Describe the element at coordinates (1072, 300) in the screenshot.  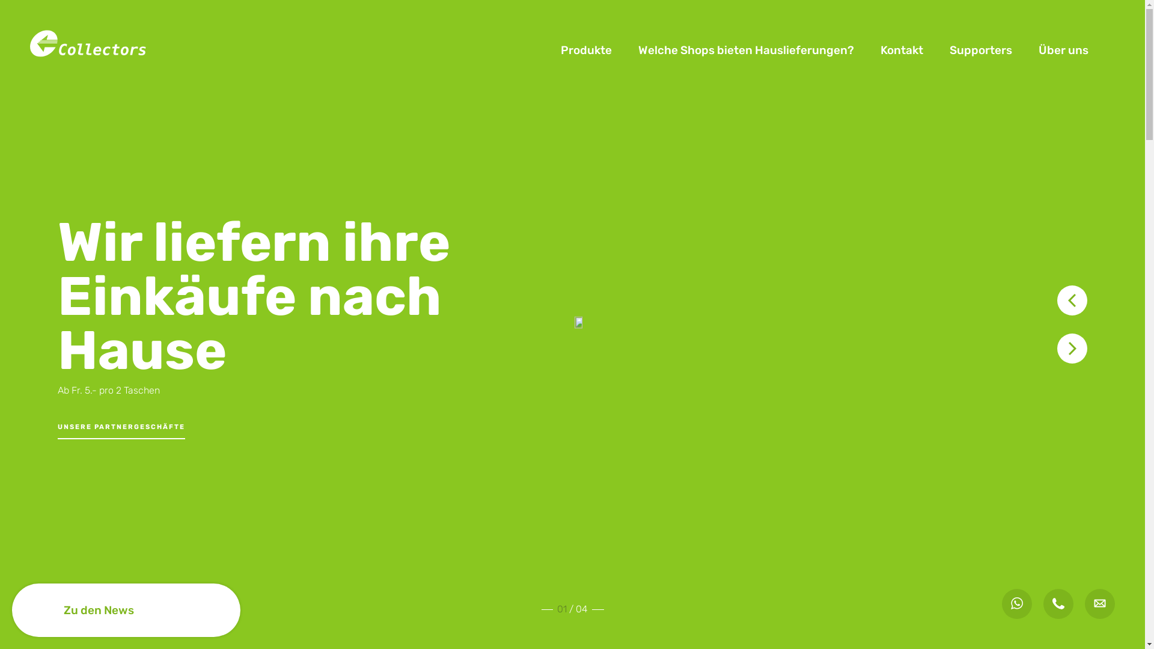
I see `'Vorherige Folie'` at that location.